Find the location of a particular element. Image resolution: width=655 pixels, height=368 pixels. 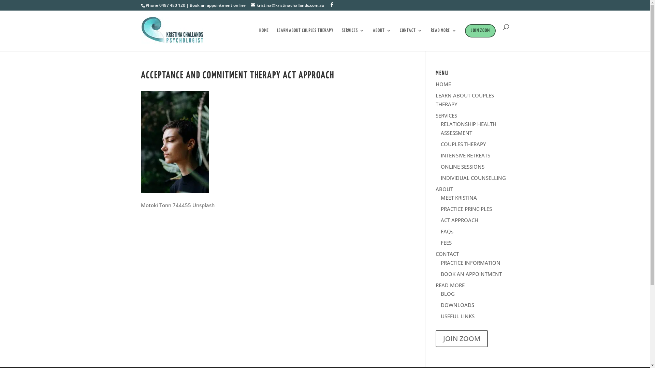

'BOOK AN APPOINTMENT' is located at coordinates (471, 273).